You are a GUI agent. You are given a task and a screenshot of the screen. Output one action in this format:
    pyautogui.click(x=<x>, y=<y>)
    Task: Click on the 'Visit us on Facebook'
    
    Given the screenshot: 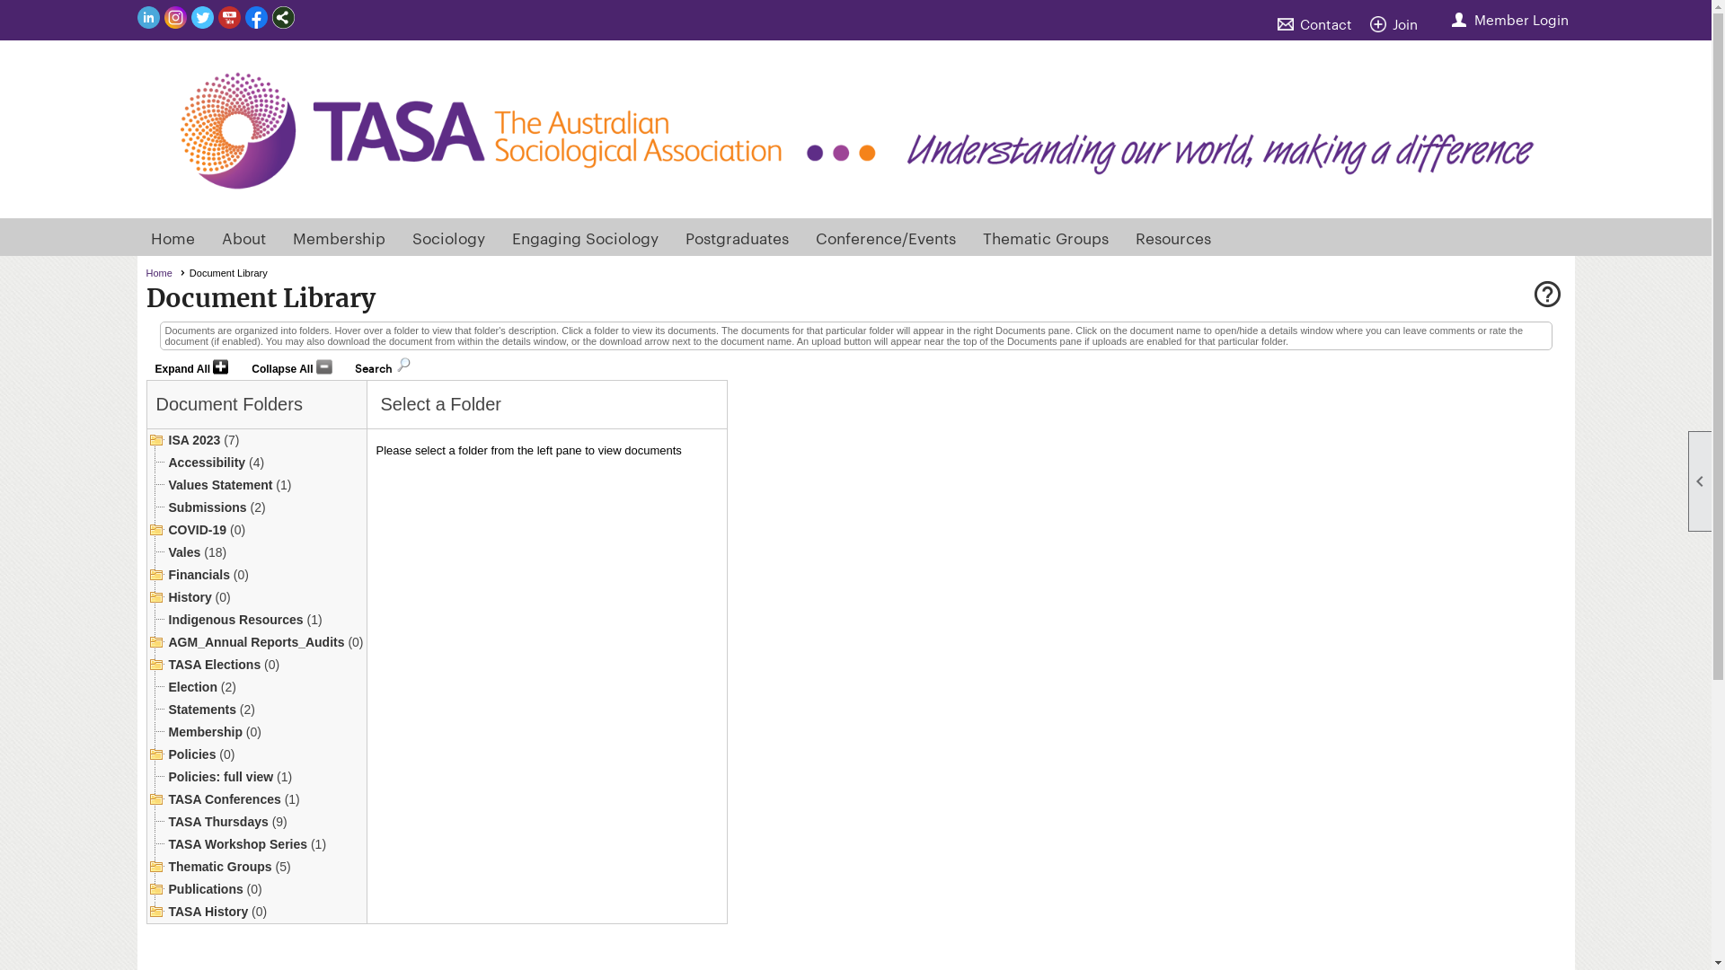 What is the action you would take?
    pyautogui.click(x=254, y=18)
    